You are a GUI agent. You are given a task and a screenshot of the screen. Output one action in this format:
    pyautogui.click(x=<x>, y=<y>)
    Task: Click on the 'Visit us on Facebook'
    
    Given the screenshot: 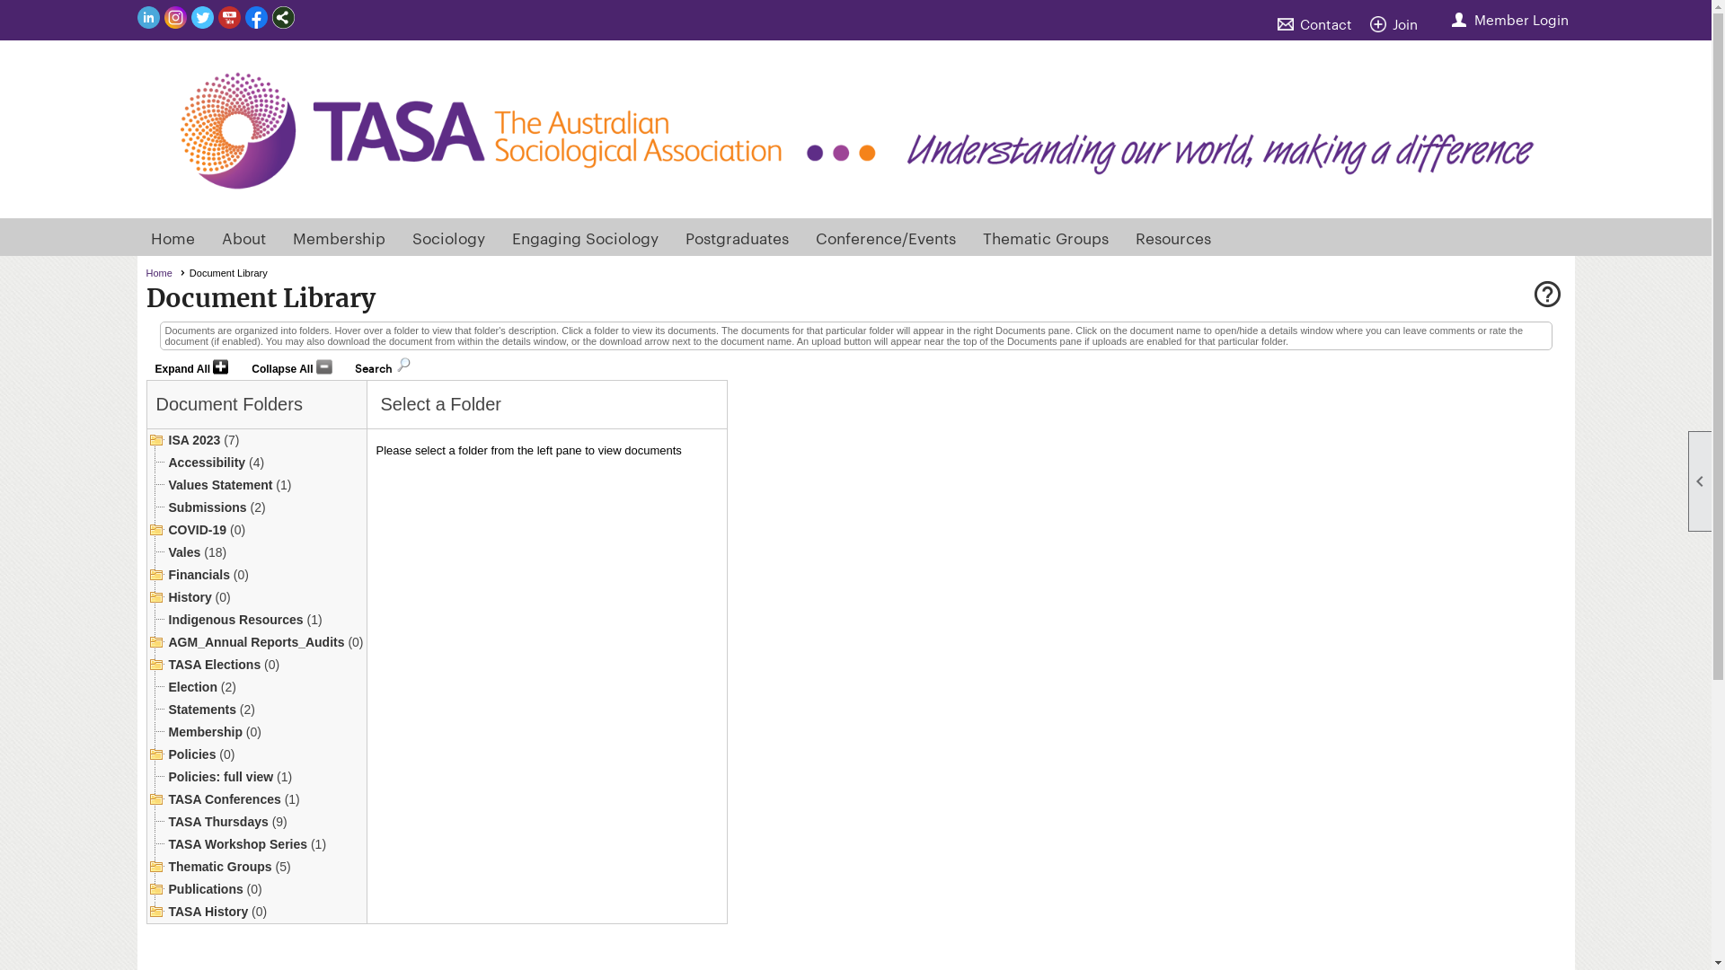 What is the action you would take?
    pyautogui.click(x=254, y=18)
    